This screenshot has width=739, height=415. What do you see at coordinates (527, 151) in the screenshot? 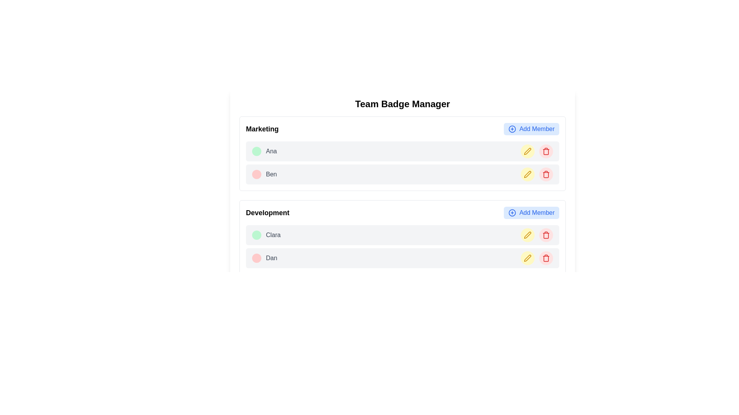
I see `the yellow pen icon button in the 'Marketing' section` at bounding box center [527, 151].